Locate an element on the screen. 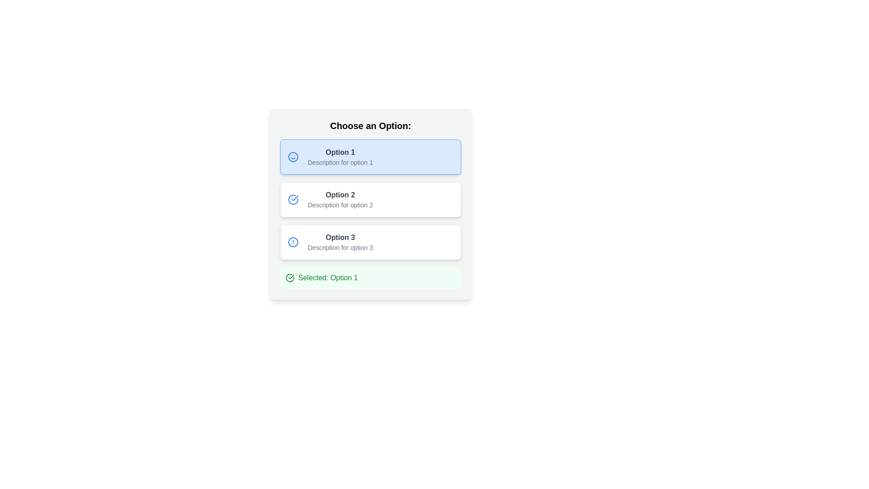 The image size is (869, 489). the smiley face icon with a blue stroke located to the left of 'Option 1' in the vertical list of selectable options is located at coordinates (293, 157).